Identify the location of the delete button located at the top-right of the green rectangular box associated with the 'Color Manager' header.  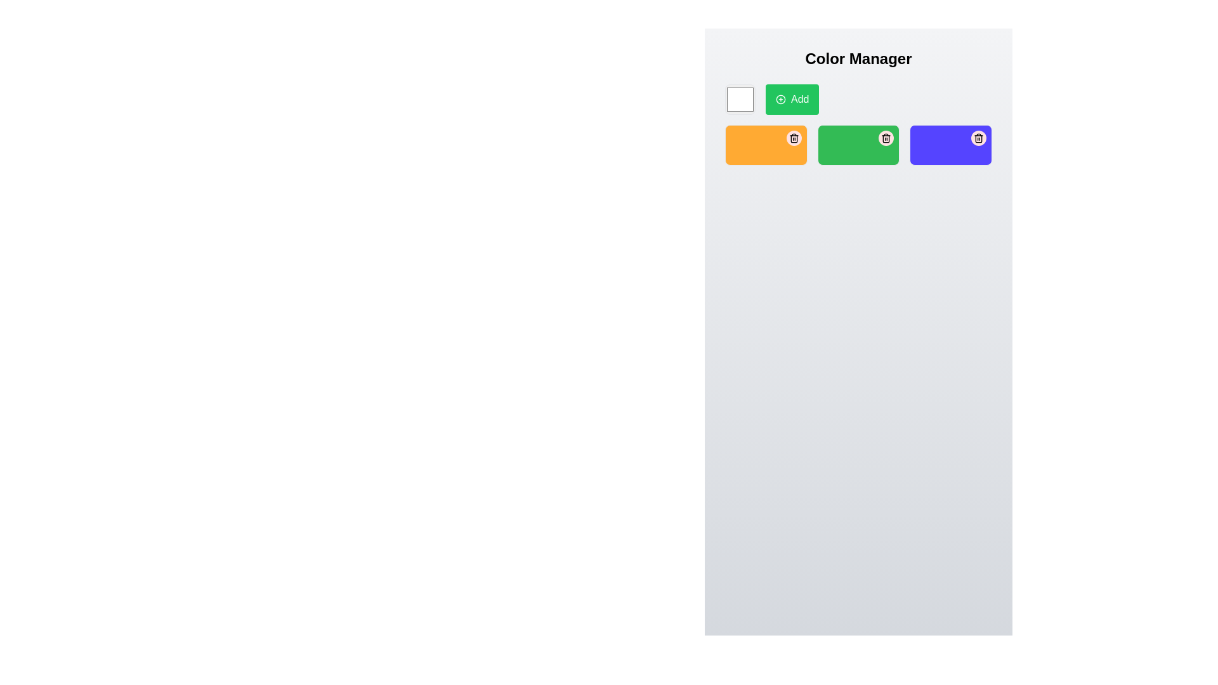
(886, 138).